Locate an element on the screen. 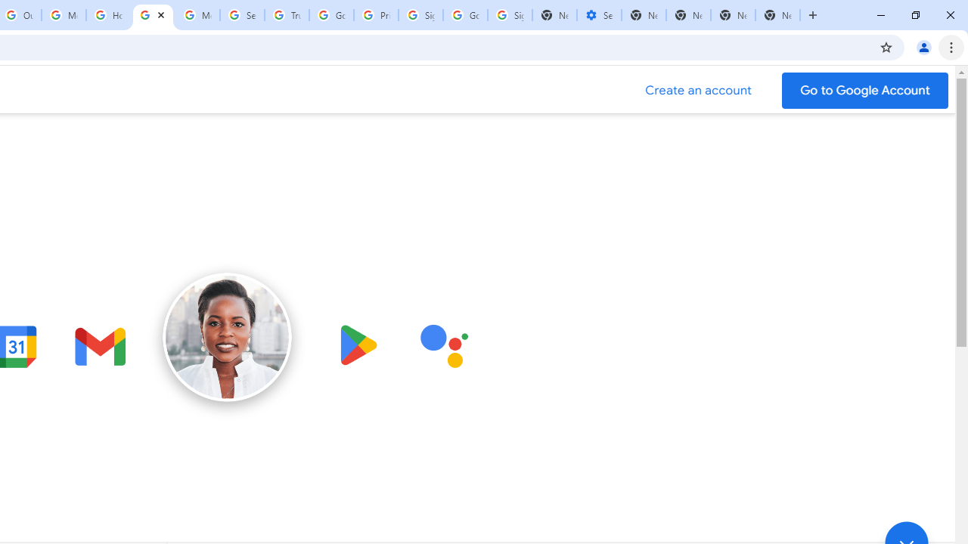 The height and width of the screenshot is (544, 968). 'Go to your Google Account' is located at coordinates (865, 90).